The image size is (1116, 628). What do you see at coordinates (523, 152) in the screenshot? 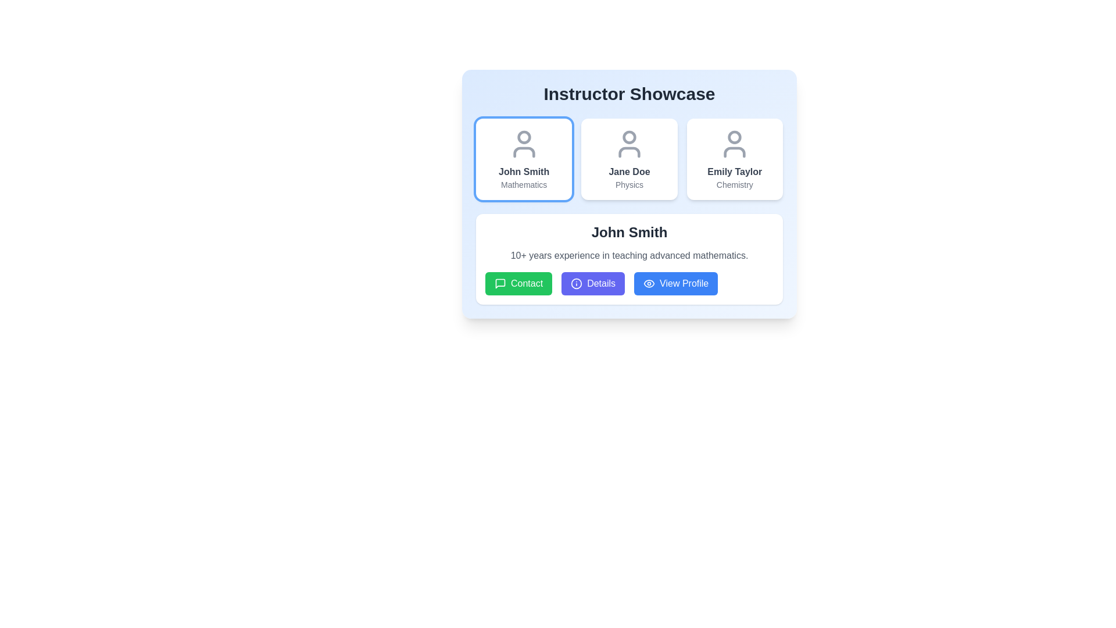
I see `the SVG shape component representing a user profile attribute located in the user profile card titled 'John Smith', positioned below the circular part of the icon layout` at bounding box center [523, 152].